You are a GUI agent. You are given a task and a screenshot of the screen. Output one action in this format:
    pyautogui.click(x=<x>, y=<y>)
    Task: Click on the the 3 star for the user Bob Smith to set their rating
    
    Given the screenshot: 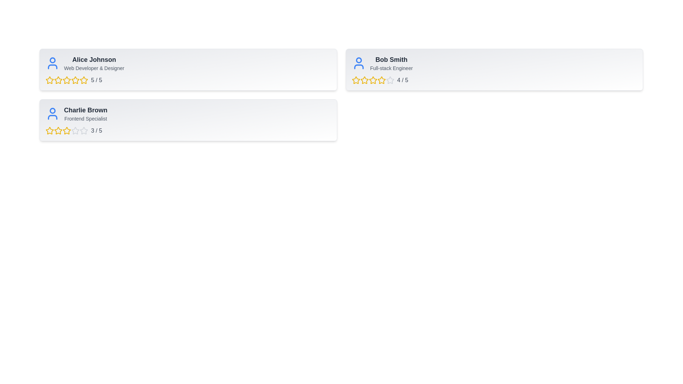 What is the action you would take?
    pyautogui.click(x=372, y=80)
    